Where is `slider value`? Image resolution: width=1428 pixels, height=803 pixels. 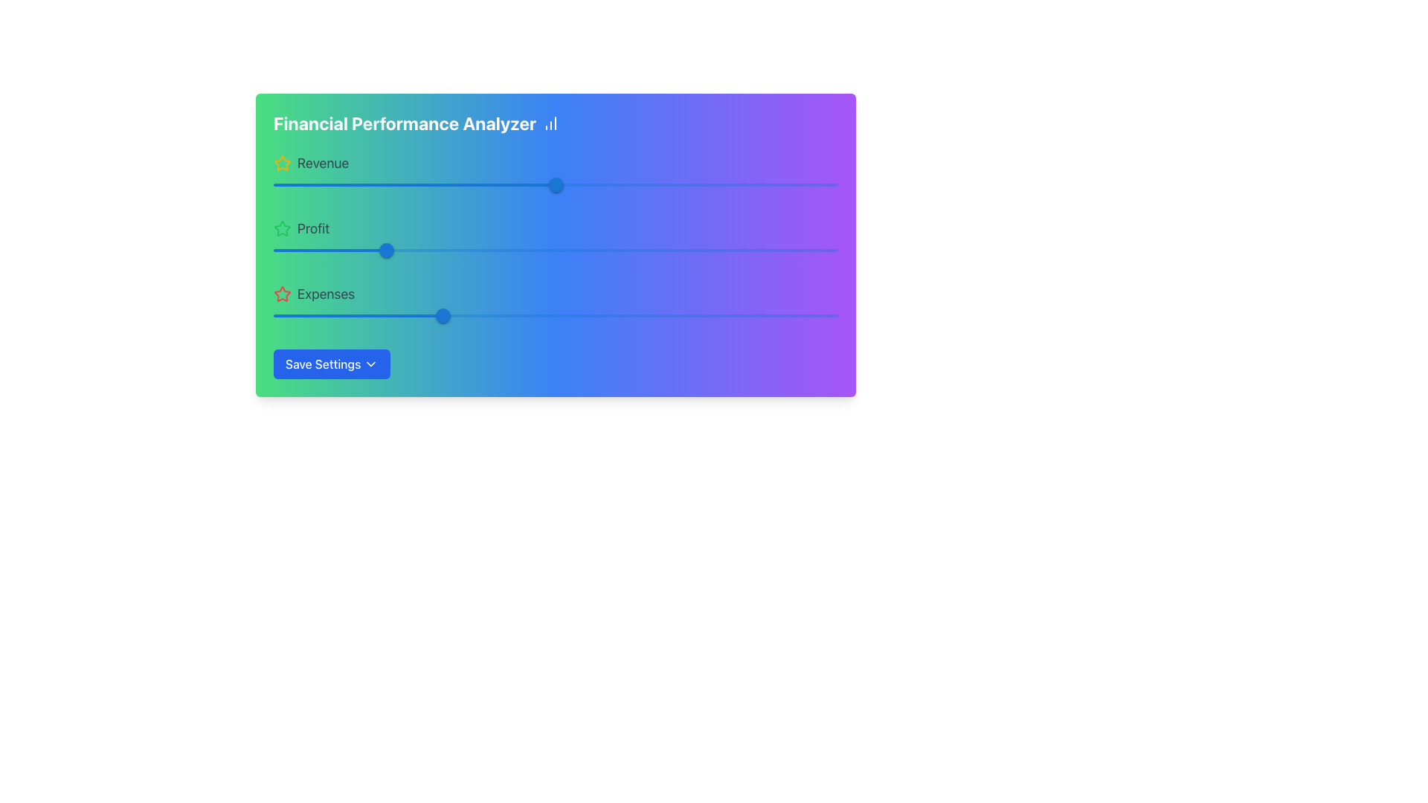
slider value is located at coordinates (379, 249).